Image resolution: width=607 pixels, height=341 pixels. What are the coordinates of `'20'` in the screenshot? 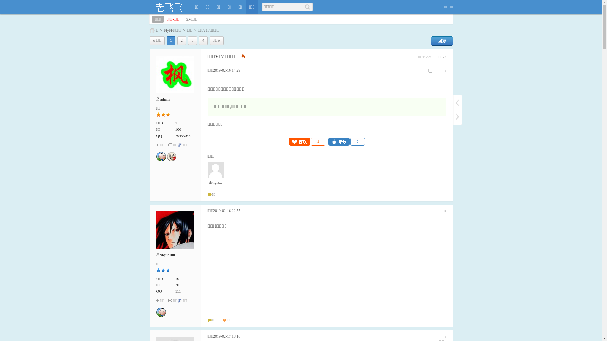 It's located at (177, 285).